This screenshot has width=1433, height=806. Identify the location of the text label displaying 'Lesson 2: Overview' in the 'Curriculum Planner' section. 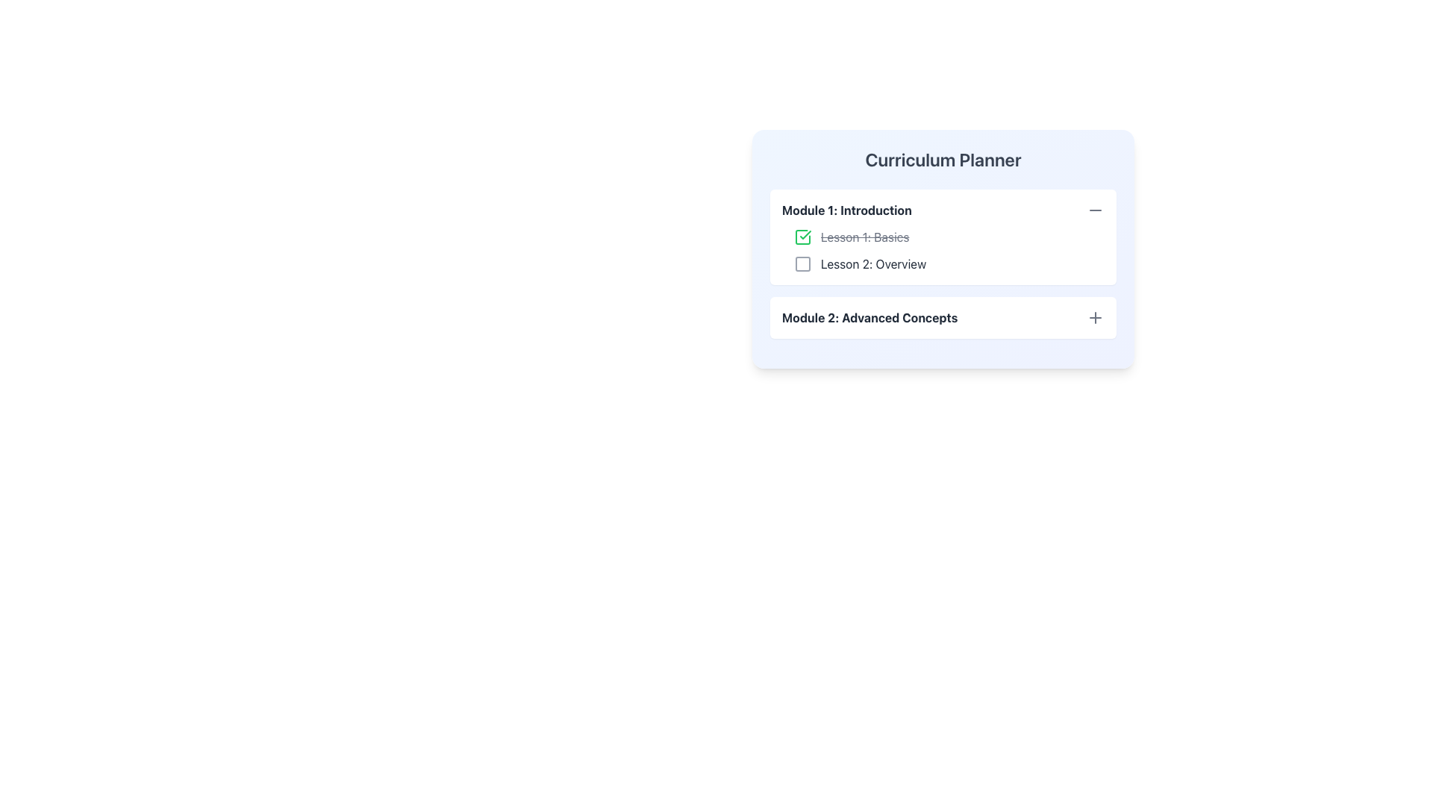
(873, 263).